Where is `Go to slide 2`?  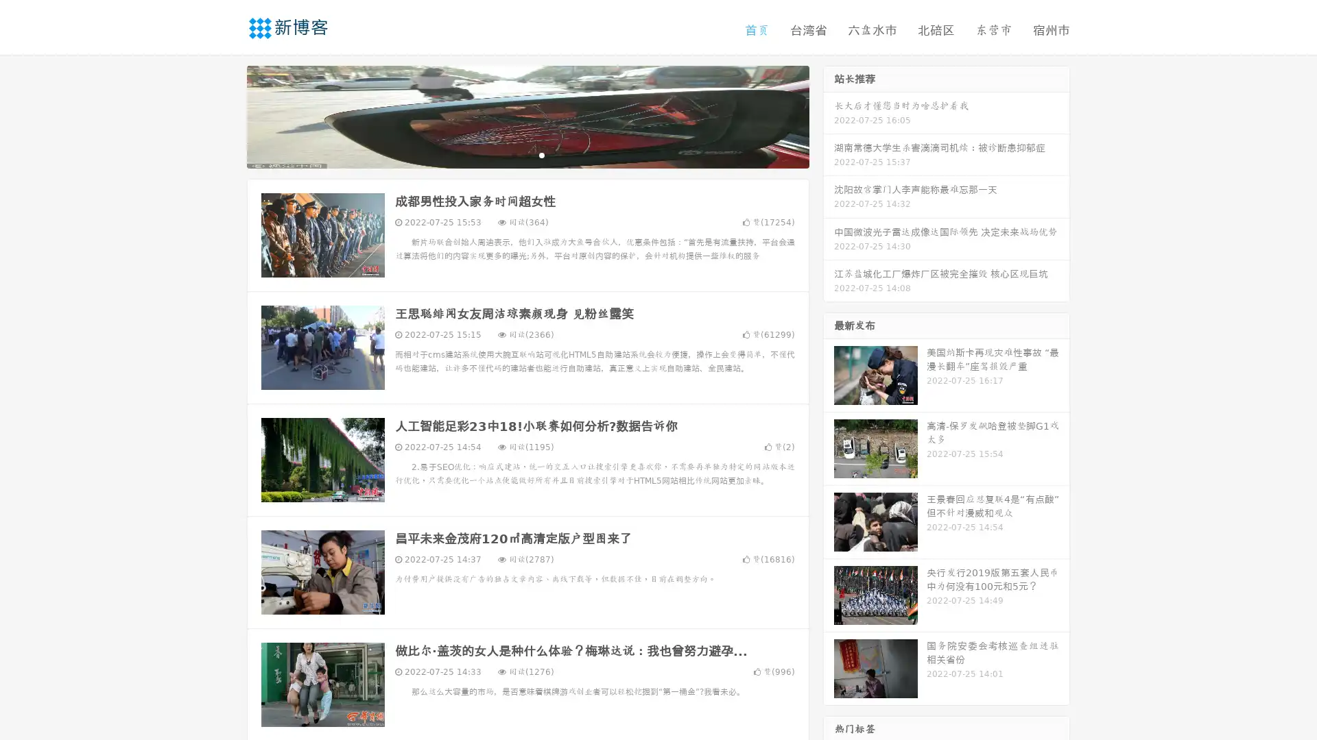
Go to slide 2 is located at coordinates (527, 154).